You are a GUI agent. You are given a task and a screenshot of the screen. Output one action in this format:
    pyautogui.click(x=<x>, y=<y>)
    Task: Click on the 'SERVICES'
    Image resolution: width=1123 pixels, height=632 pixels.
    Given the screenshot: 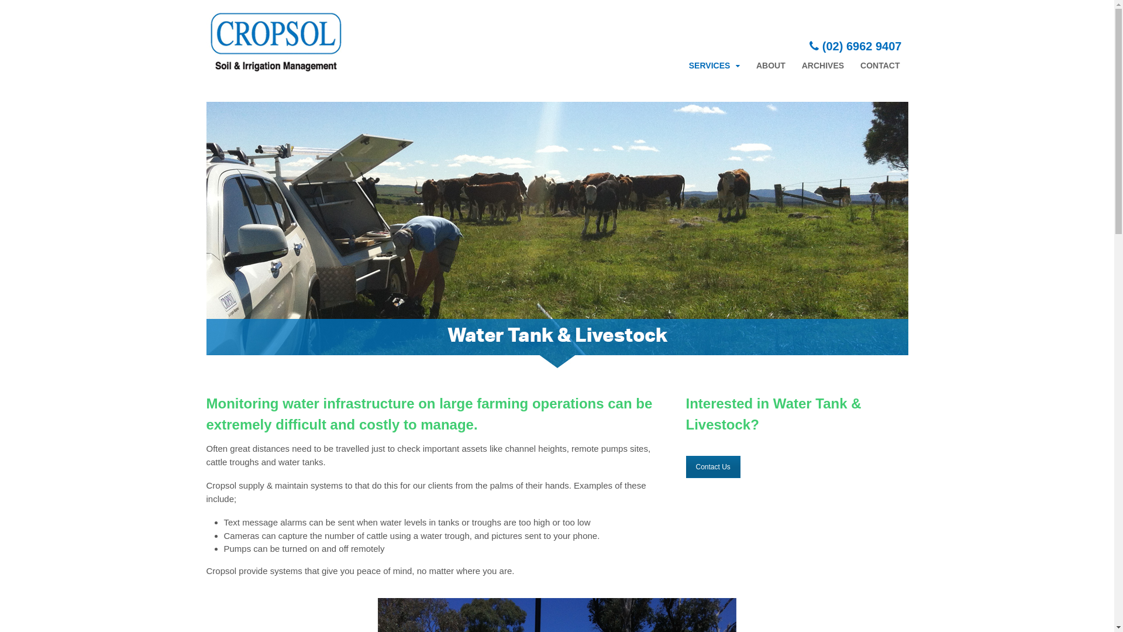 What is the action you would take?
    pyautogui.click(x=680, y=66)
    